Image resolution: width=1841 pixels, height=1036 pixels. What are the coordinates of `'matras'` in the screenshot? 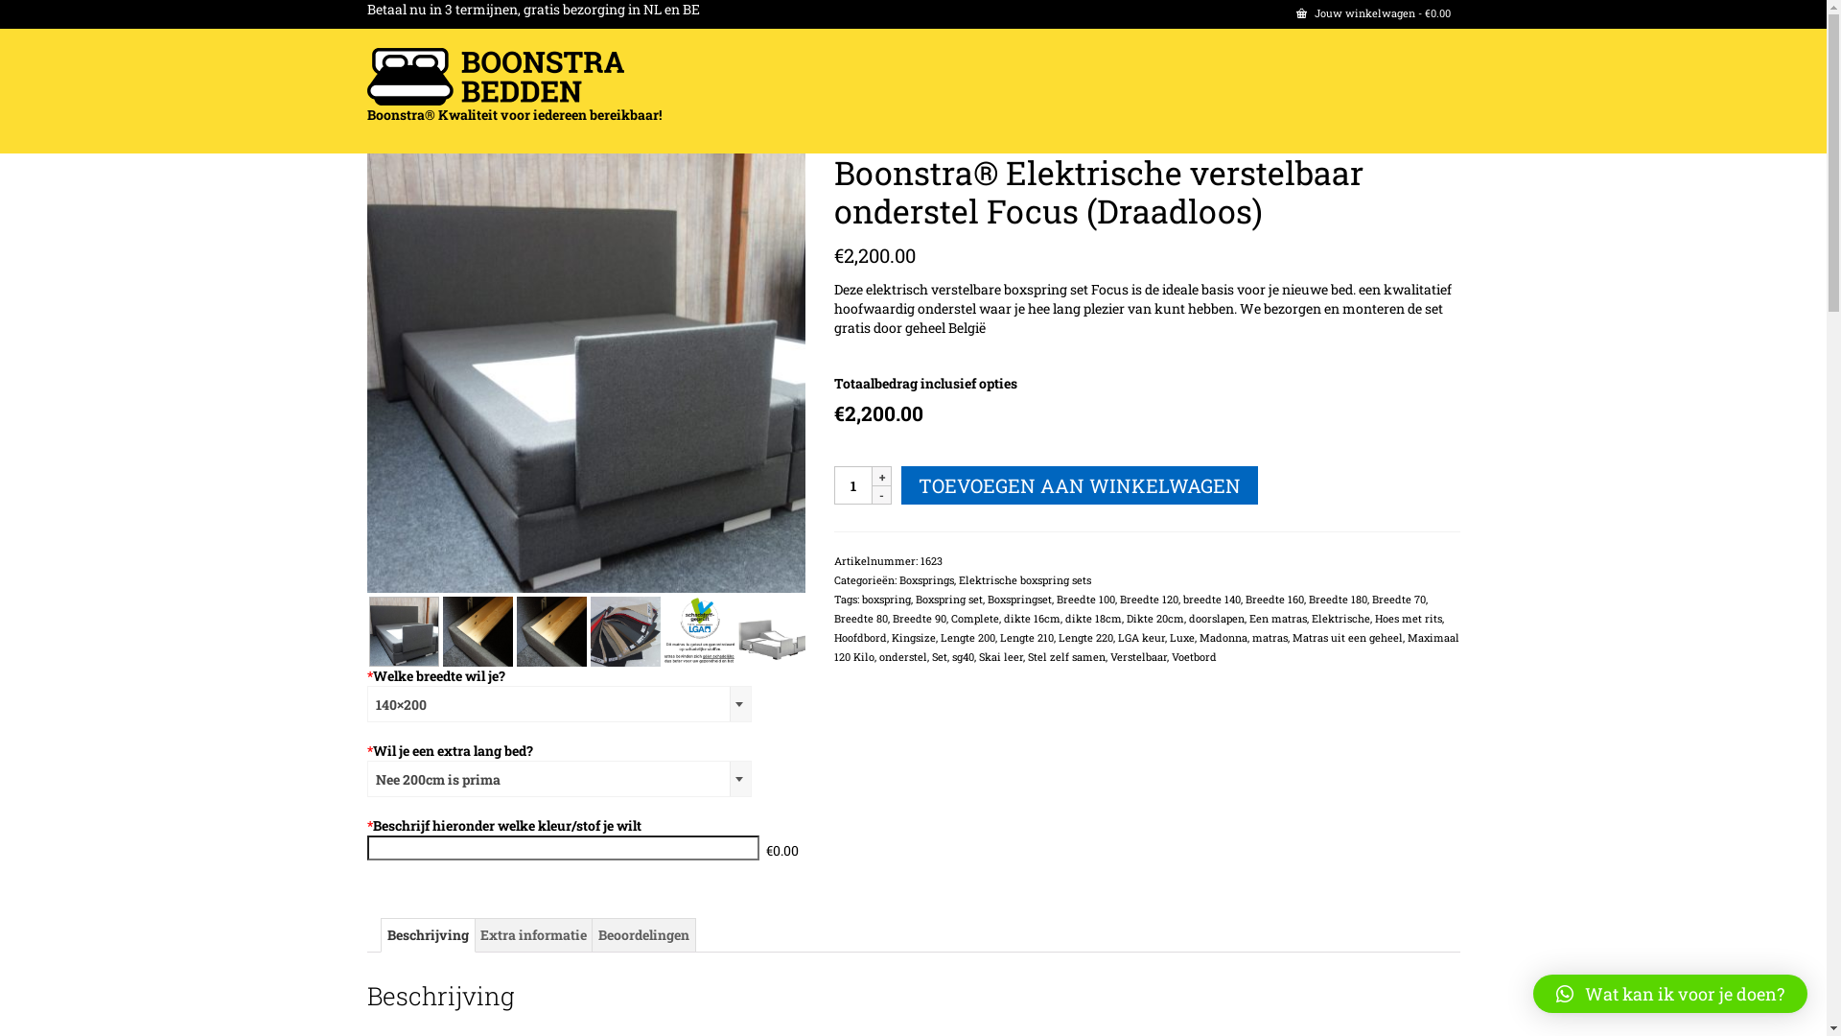 It's located at (1251, 637).